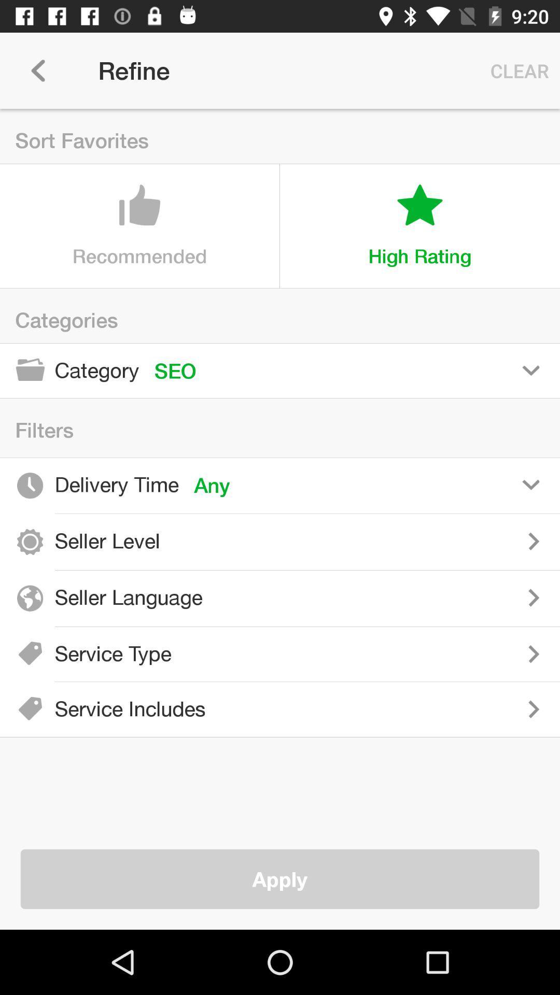 Image resolution: width=560 pixels, height=995 pixels. What do you see at coordinates (517, 70) in the screenshot?
I see `clear` at bounding box center [517, 70].